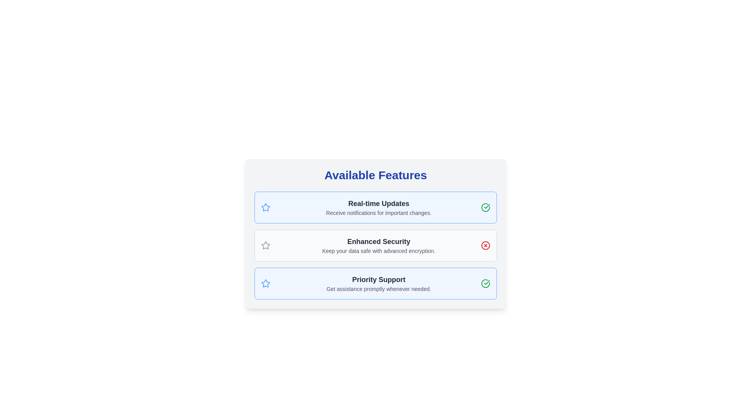  Describe the element at coordinates (378, 245) in the screenshot. I see `the text block containing the title 'Enhanced Security' and the subtitle 'Keep your data safe with advanced encryption.'` at that location.